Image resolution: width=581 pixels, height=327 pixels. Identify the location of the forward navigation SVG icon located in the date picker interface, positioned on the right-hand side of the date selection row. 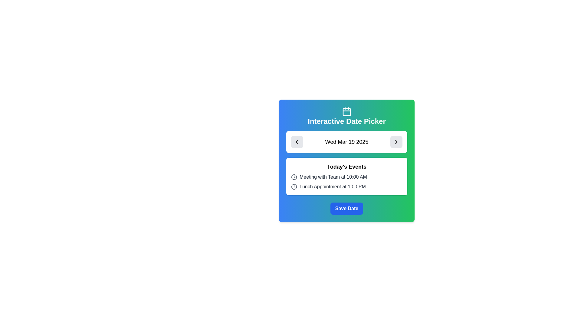
(396, 142).